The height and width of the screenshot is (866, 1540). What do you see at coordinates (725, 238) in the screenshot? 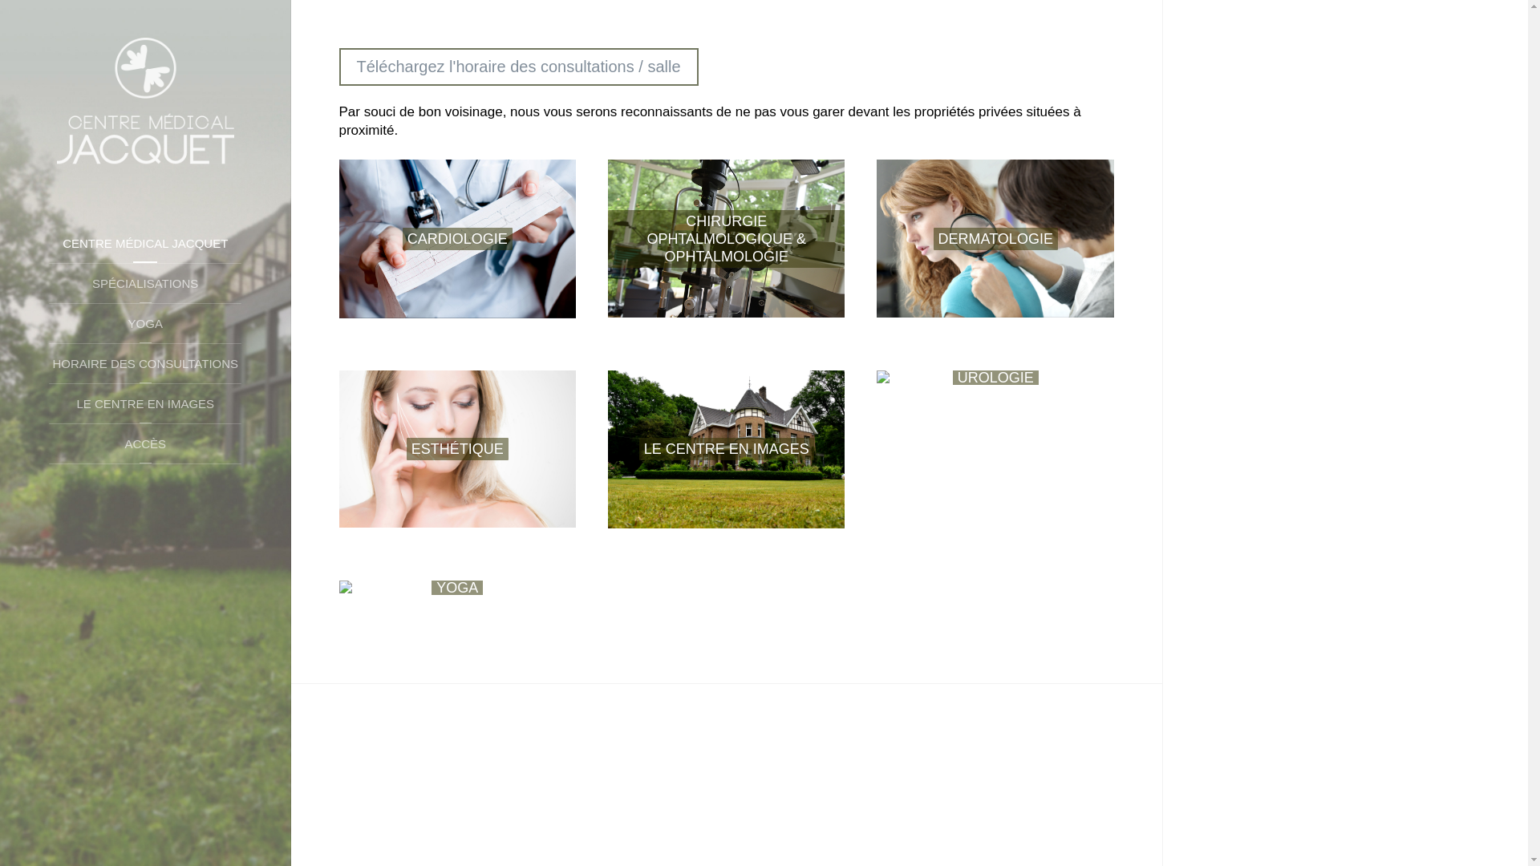
I see `'CHIRURGIE OPHTALMOLOGIQUE & OPHTALMOLOGIE'` at bounding box center [725, 238].